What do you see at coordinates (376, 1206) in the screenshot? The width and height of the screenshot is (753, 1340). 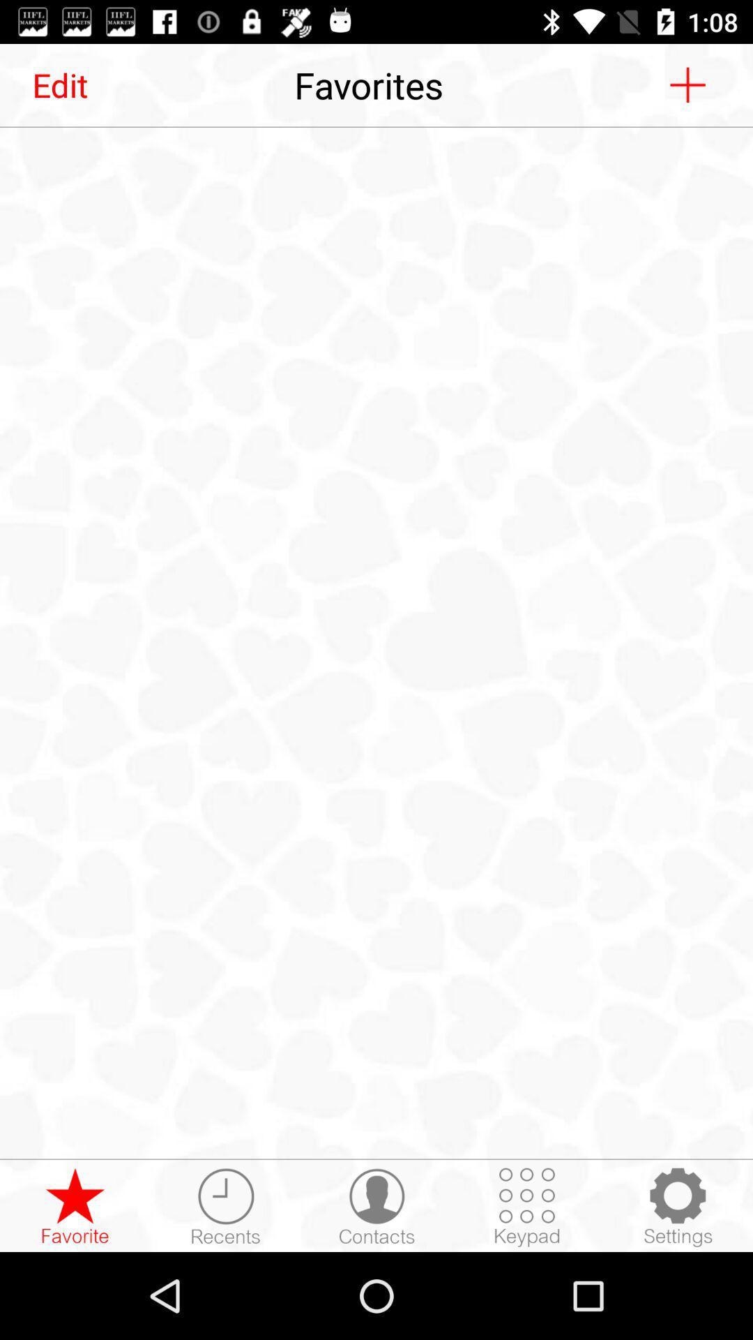 I see `open list of contacts` at bounding box center [376, 1206].